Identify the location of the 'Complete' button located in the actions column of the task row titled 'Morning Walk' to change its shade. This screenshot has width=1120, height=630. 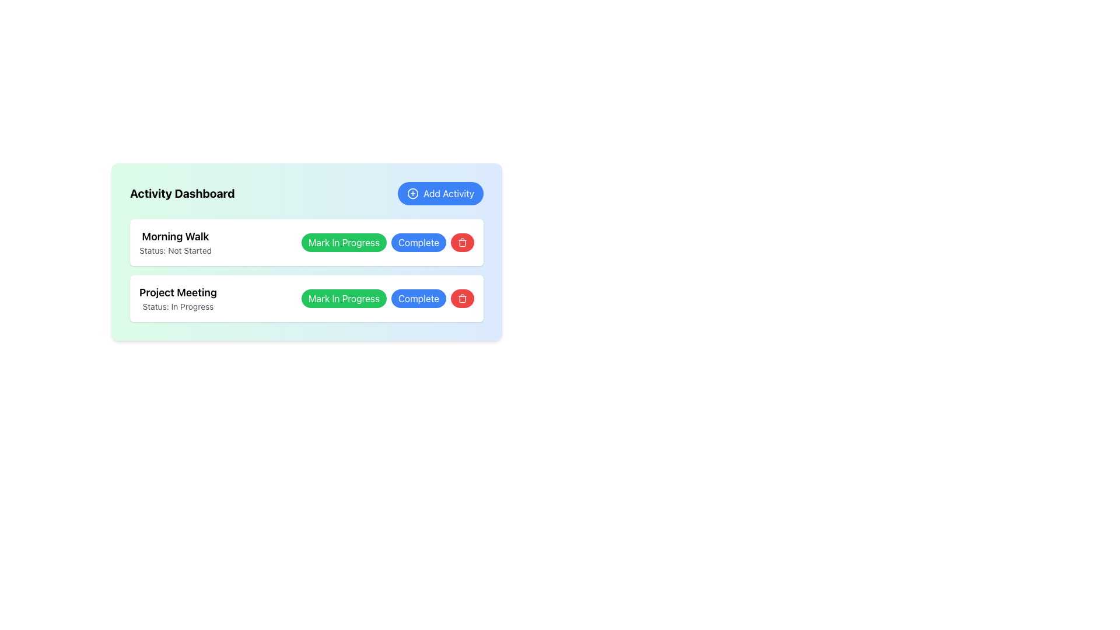
(418, 242).